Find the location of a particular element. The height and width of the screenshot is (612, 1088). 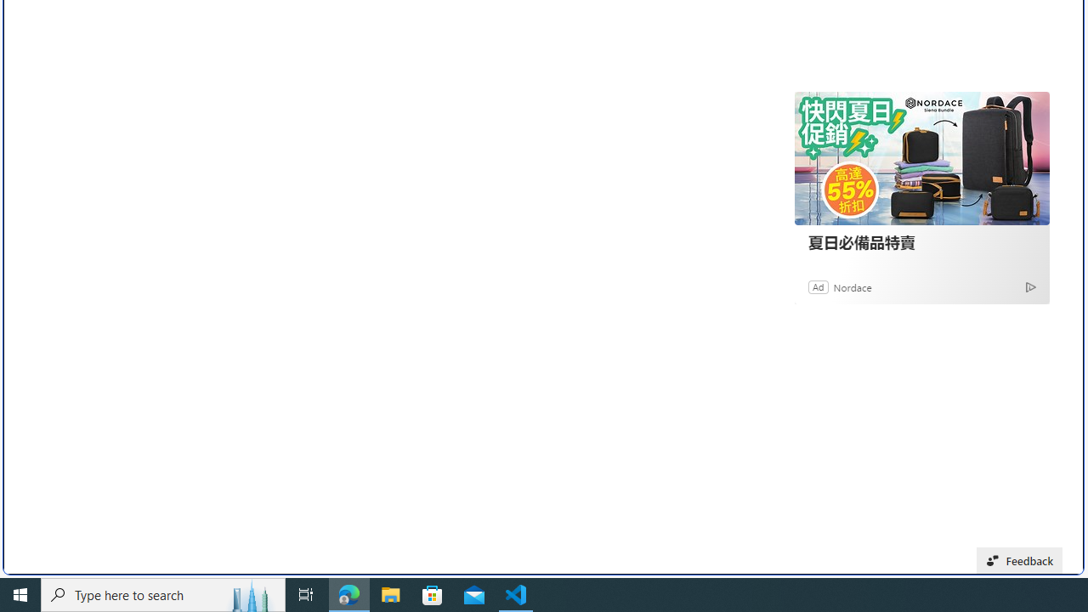

'Ad' is located at coordinates (819, 286).